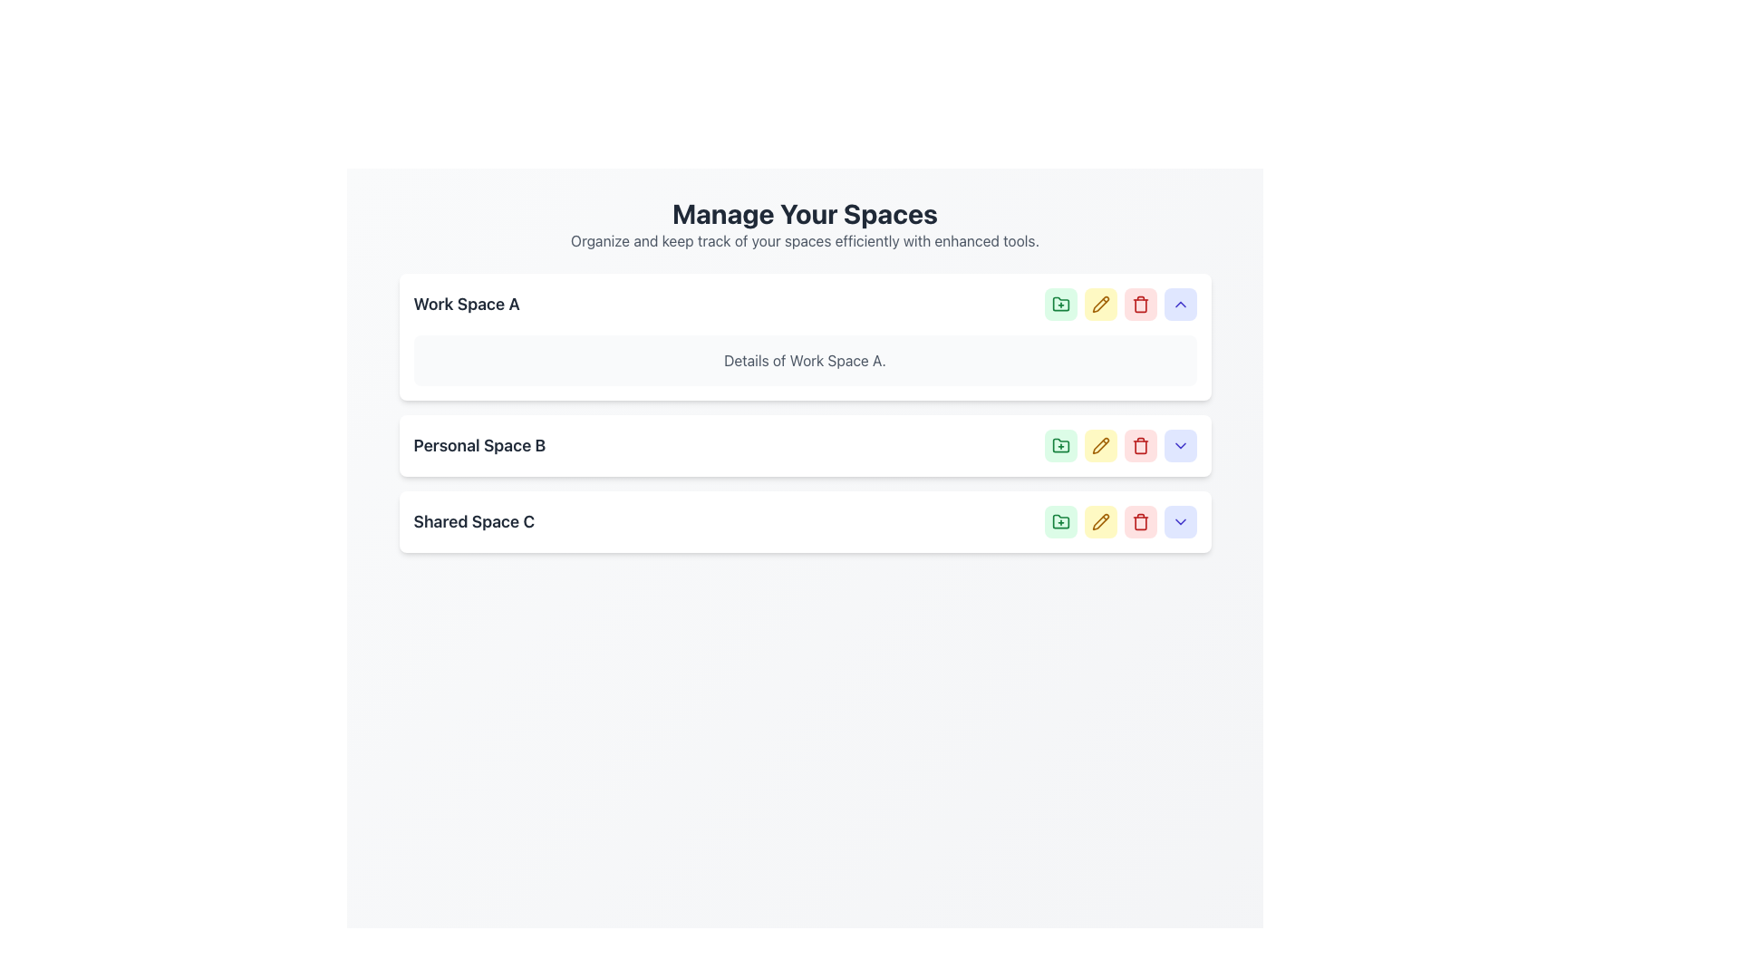 The image size is (1740, 979). What do you see at coordinates (1099, 303) in the screenshot?
I see `the edit button located to the right of the 'Work Space A' section in the first row of action buttons` at bounding box center [1099, 303].